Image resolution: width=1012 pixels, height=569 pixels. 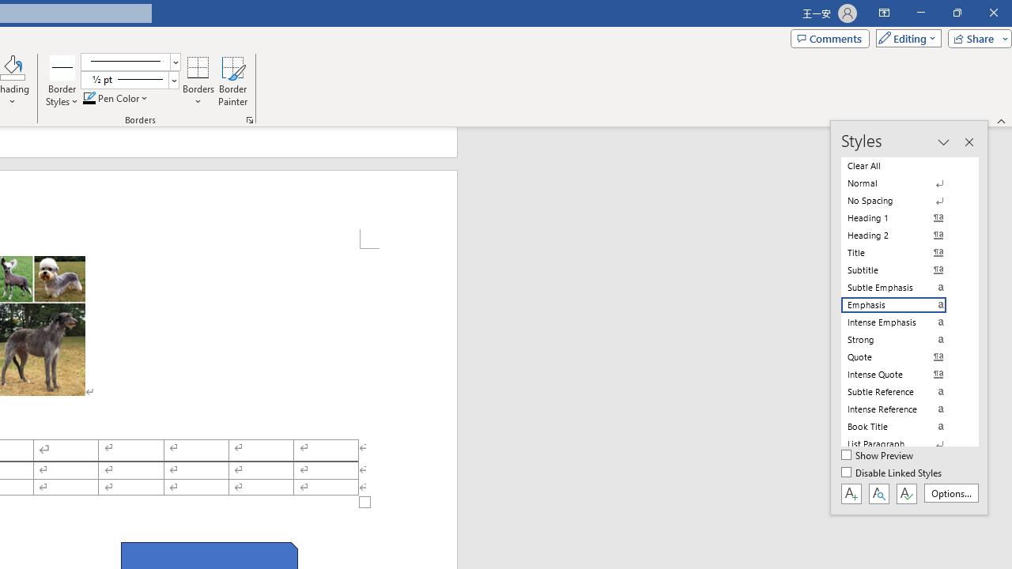 What do you see at coordinates (903, 252) in the screenshot?
I see `'Title'` at bounding box center [903, 252].